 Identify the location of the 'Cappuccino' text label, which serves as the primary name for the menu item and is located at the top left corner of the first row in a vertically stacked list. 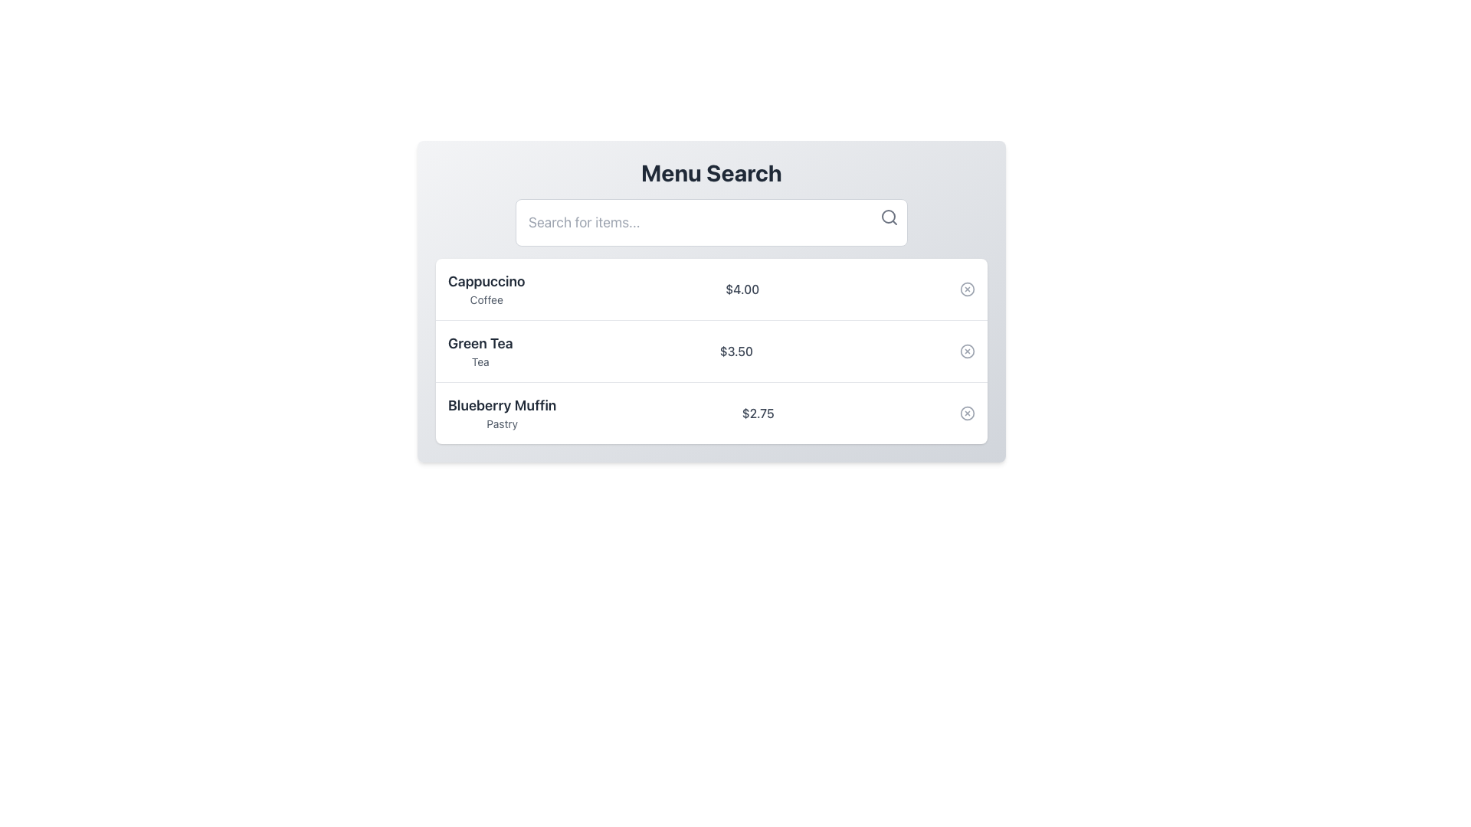
(486, 281).